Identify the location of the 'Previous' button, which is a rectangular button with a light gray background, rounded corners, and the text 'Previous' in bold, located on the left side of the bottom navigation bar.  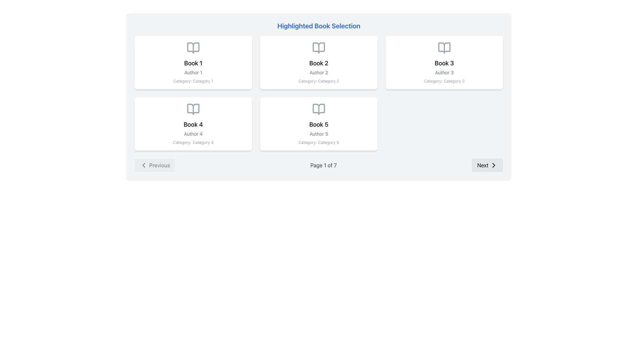
(155, 165).